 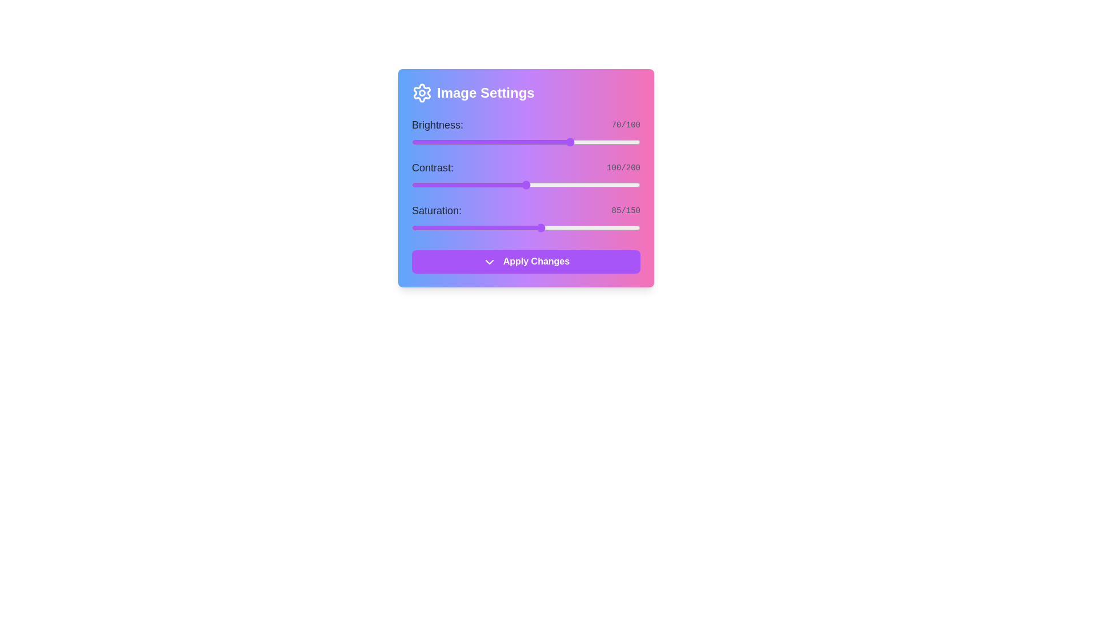 What do you see at coordinates (426, 185) in the screenshot?
I see `the contrast slider to 13 value` at bounding box center [426, 185].